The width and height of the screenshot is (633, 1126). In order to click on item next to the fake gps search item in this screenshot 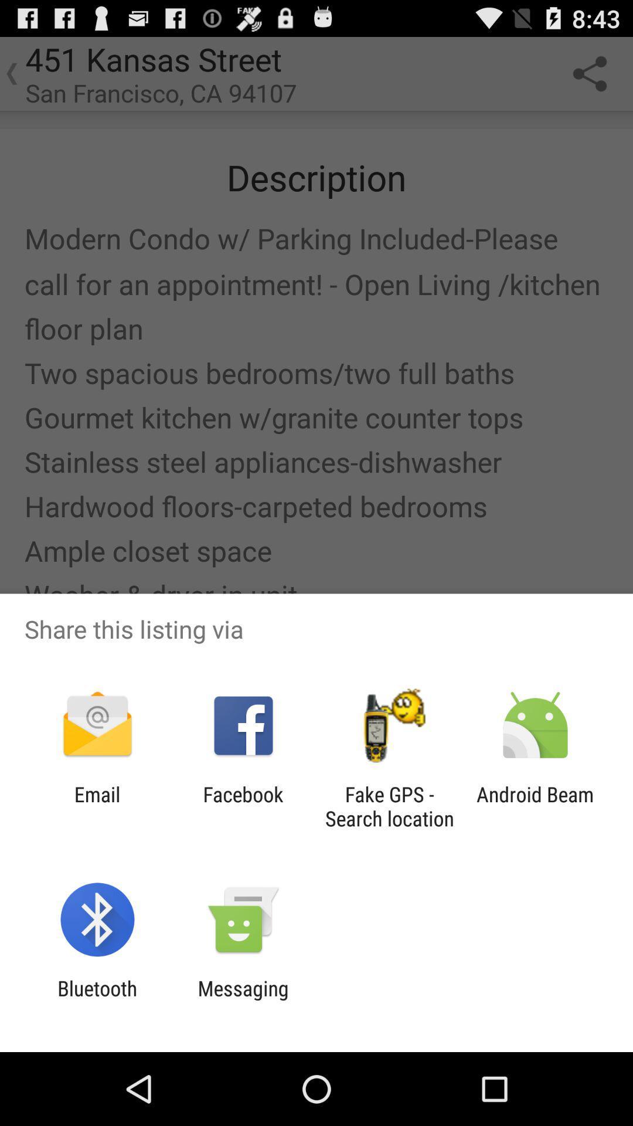, I will do `click(243, 806)`.